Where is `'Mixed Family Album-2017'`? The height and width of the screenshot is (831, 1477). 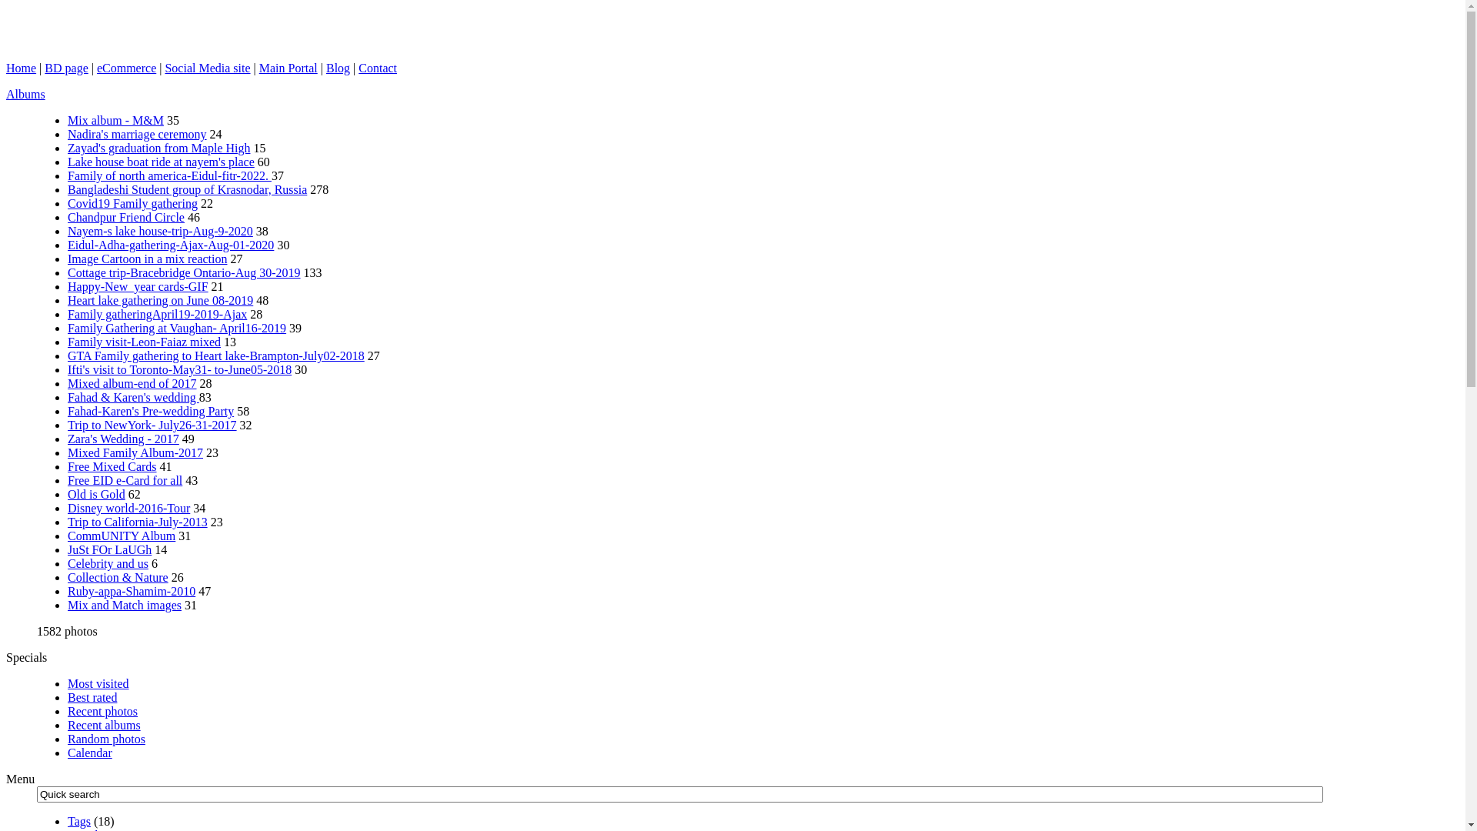
'Mixed Family Album-2017' is located at coordinates (135, 452).